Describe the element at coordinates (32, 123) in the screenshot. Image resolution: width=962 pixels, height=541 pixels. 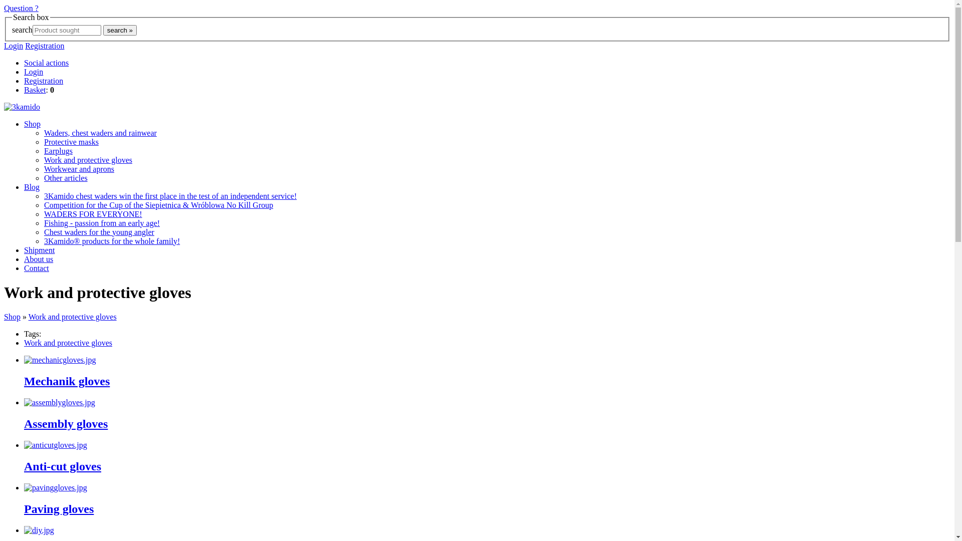
I see `'Shop'` at that location.